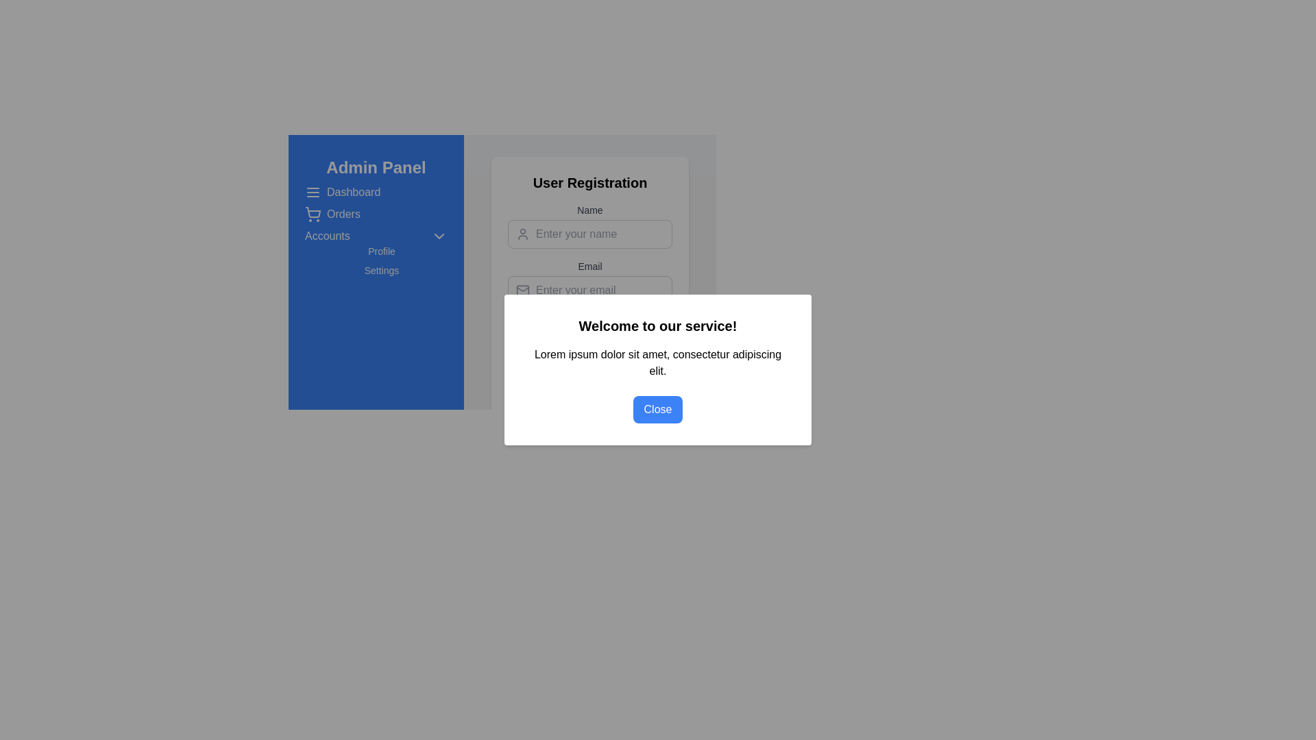 The width and height of the screenshot is (1316, 740). I want to click on the 'Profile' text link located below the 'Accounts' dropdown in the side navigation panel, so click(376, 253).